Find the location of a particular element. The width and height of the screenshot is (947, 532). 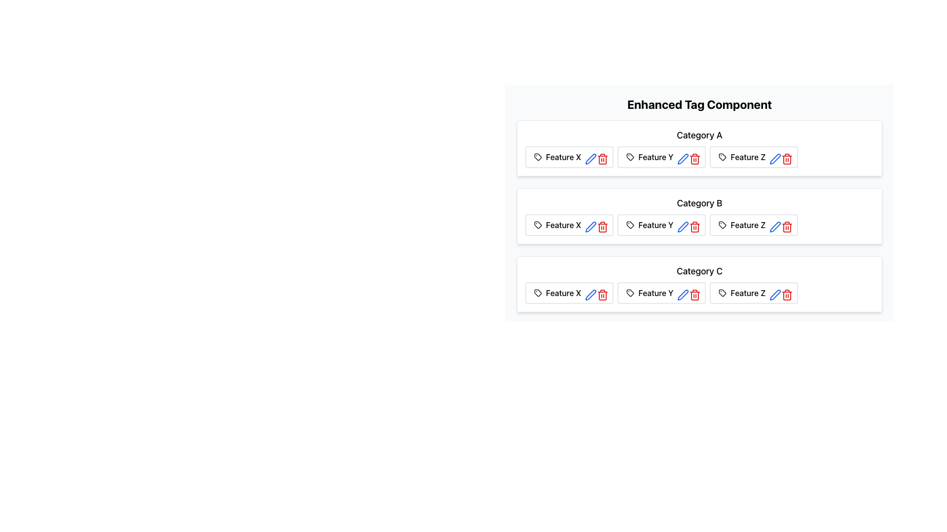

the blue pen icon located within the 'Feature Z' card in the 'Category A' section to initiate an edit action is located at coordinates (773, 225).